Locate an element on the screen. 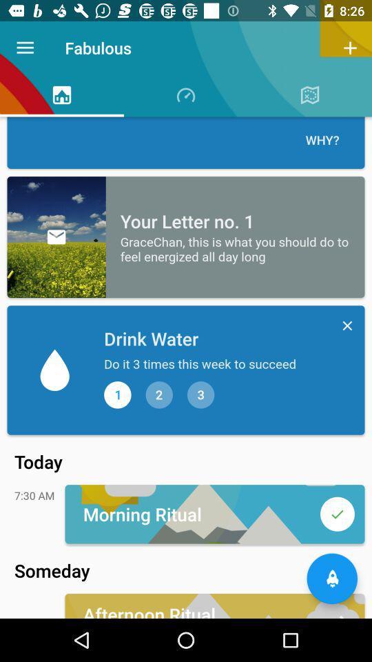 Image resolution: width=372 pixels, height=662 pixels. the notifications icon is located at coordinates (331, 579).